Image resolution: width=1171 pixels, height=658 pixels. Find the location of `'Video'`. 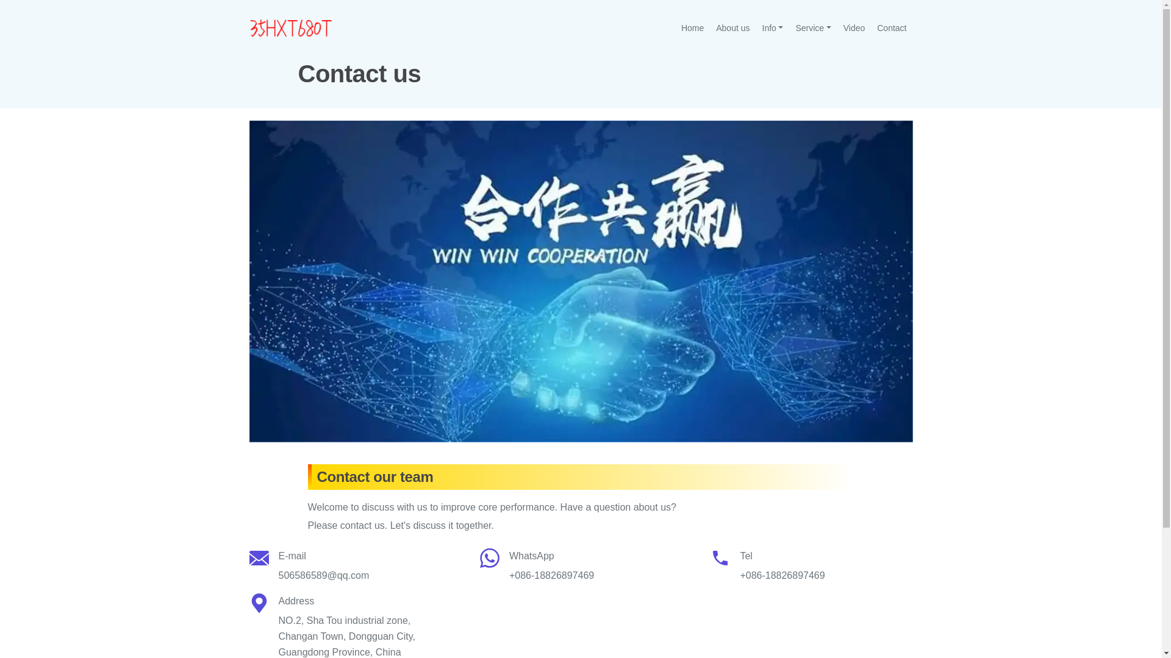

'Video' is located at coordinates (854, 27).